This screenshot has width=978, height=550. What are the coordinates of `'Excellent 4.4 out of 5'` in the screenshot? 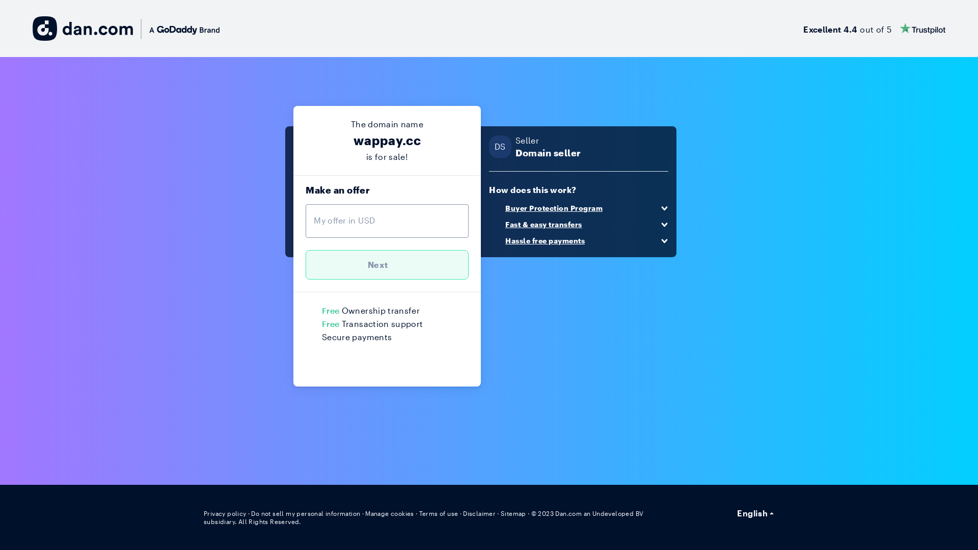 It's located at (805, 28).